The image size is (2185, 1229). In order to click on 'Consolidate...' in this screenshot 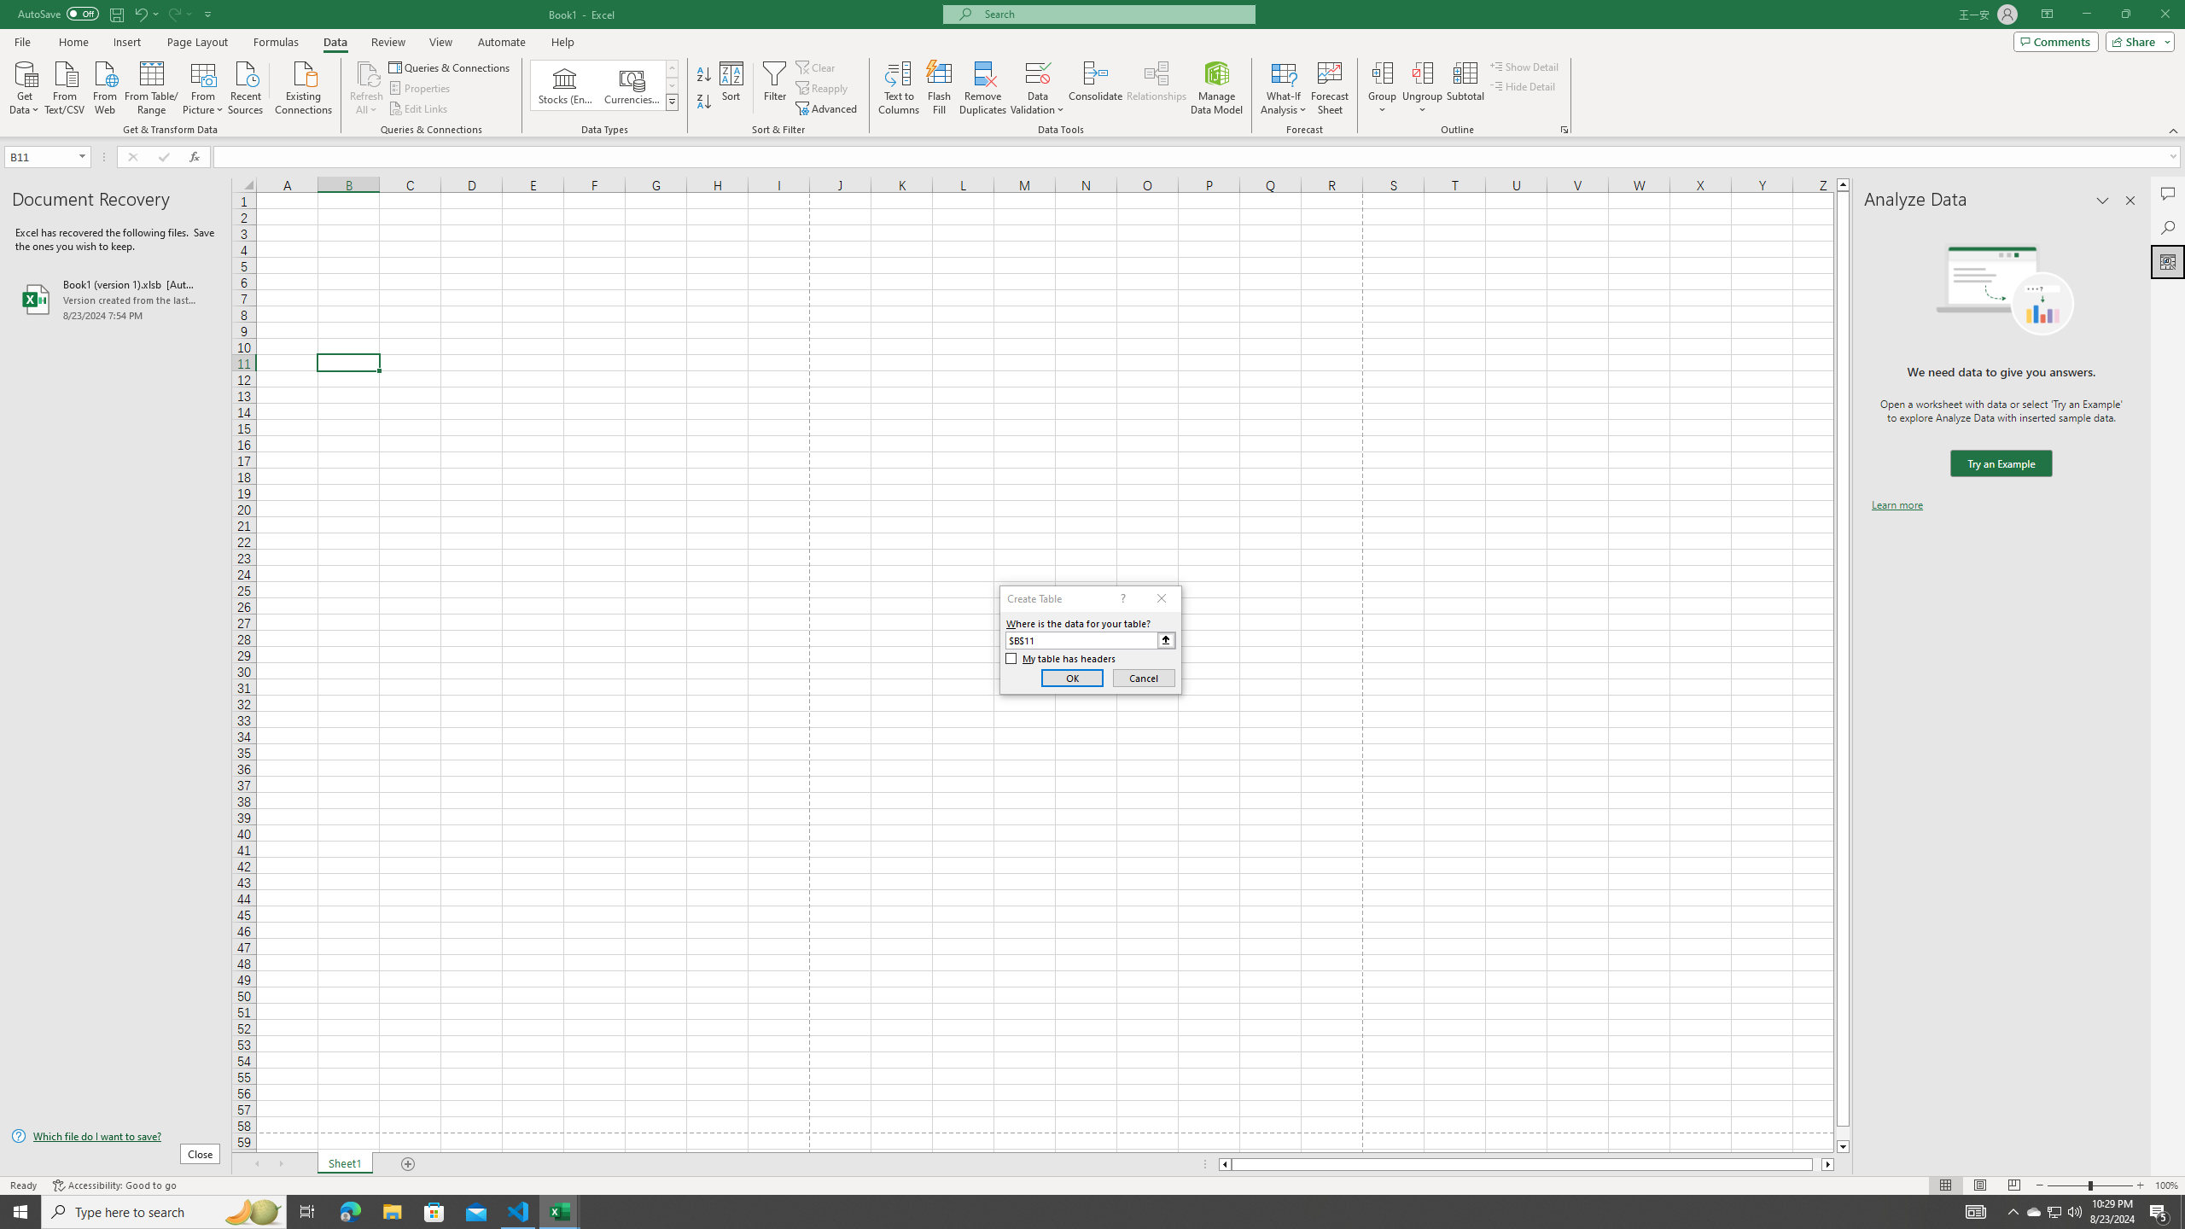, I will do `click(1095, 88)`.